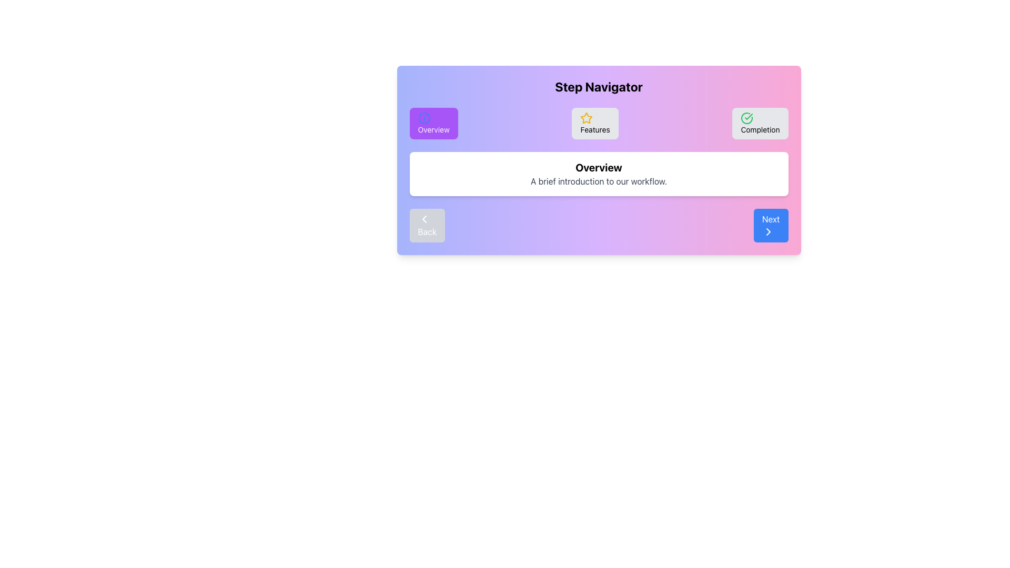 The height and width of the screenshot is (568, 1010). I want to click on the 'Overview' button, which is a rounded rectangular button with a purple background and white text, located in the top-left corner of the navigation bar, so click(433, 123).